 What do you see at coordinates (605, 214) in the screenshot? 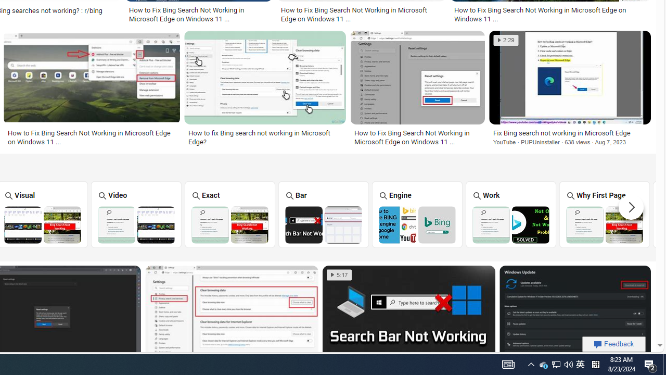
I see `'Why First Page'` at bounding box center [605, 214].